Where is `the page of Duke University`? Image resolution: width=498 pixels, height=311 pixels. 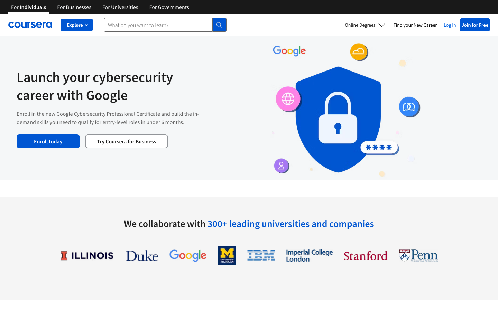
the page of Duke University is located at coordinates (141, 255).